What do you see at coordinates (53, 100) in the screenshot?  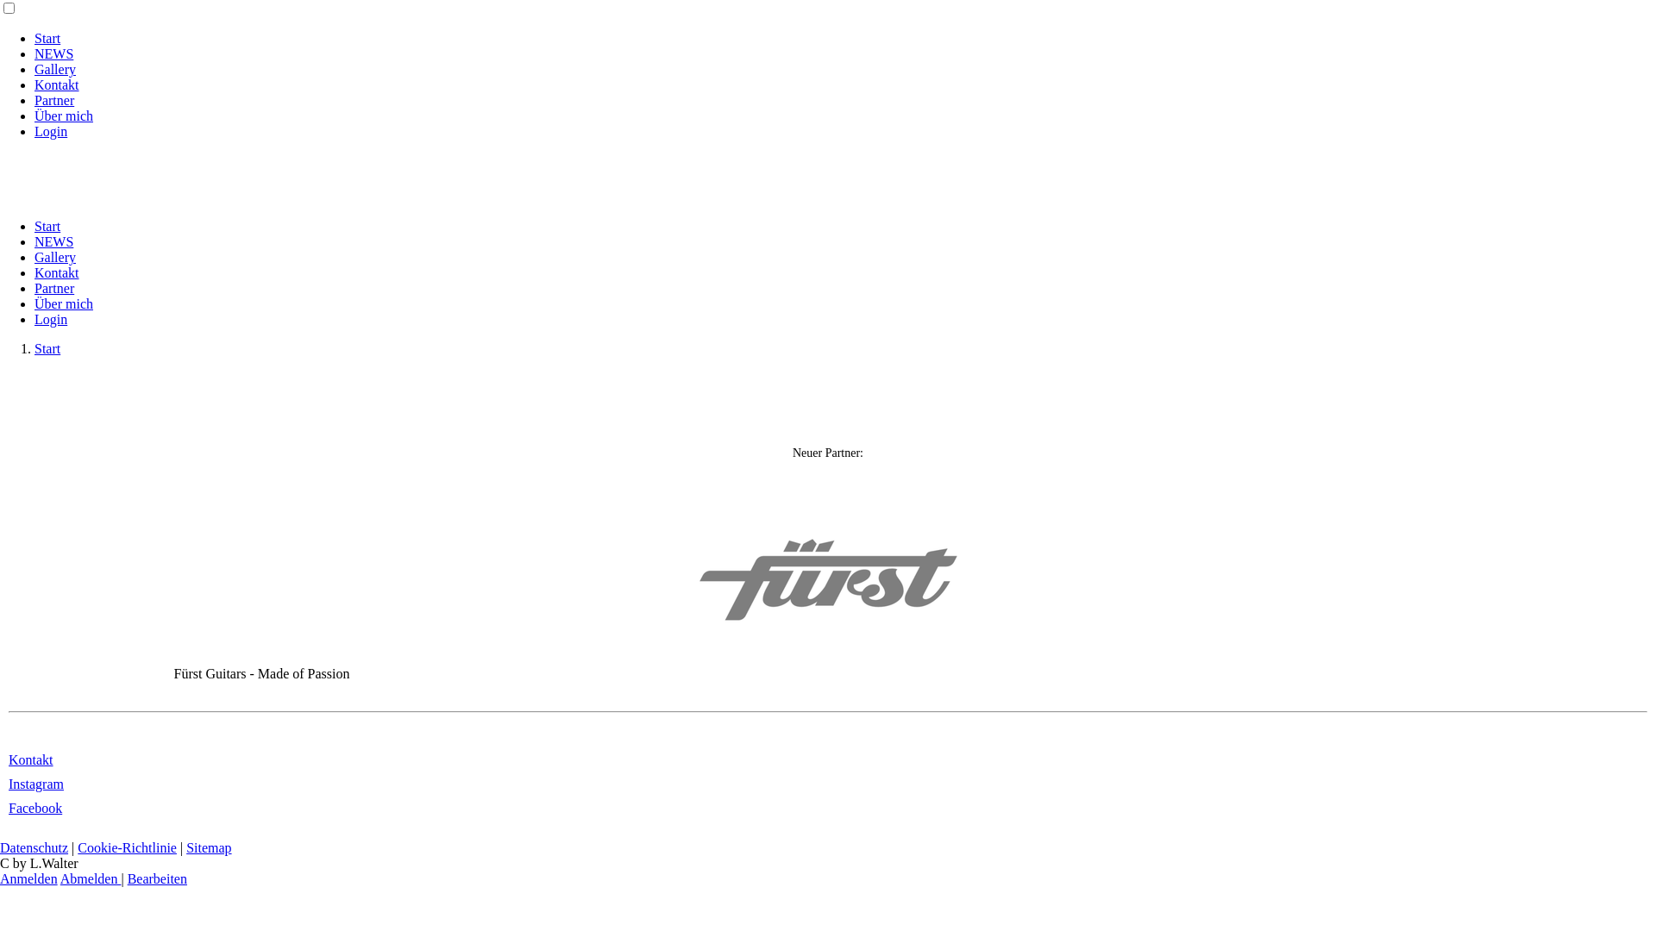 I see `'Partner'` at bounding box center [53, 100].